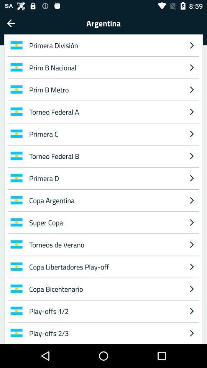 Image resolution: width=207 pixels, height=368 pixels. I want to click on item below the primera d, so click(191, 200).